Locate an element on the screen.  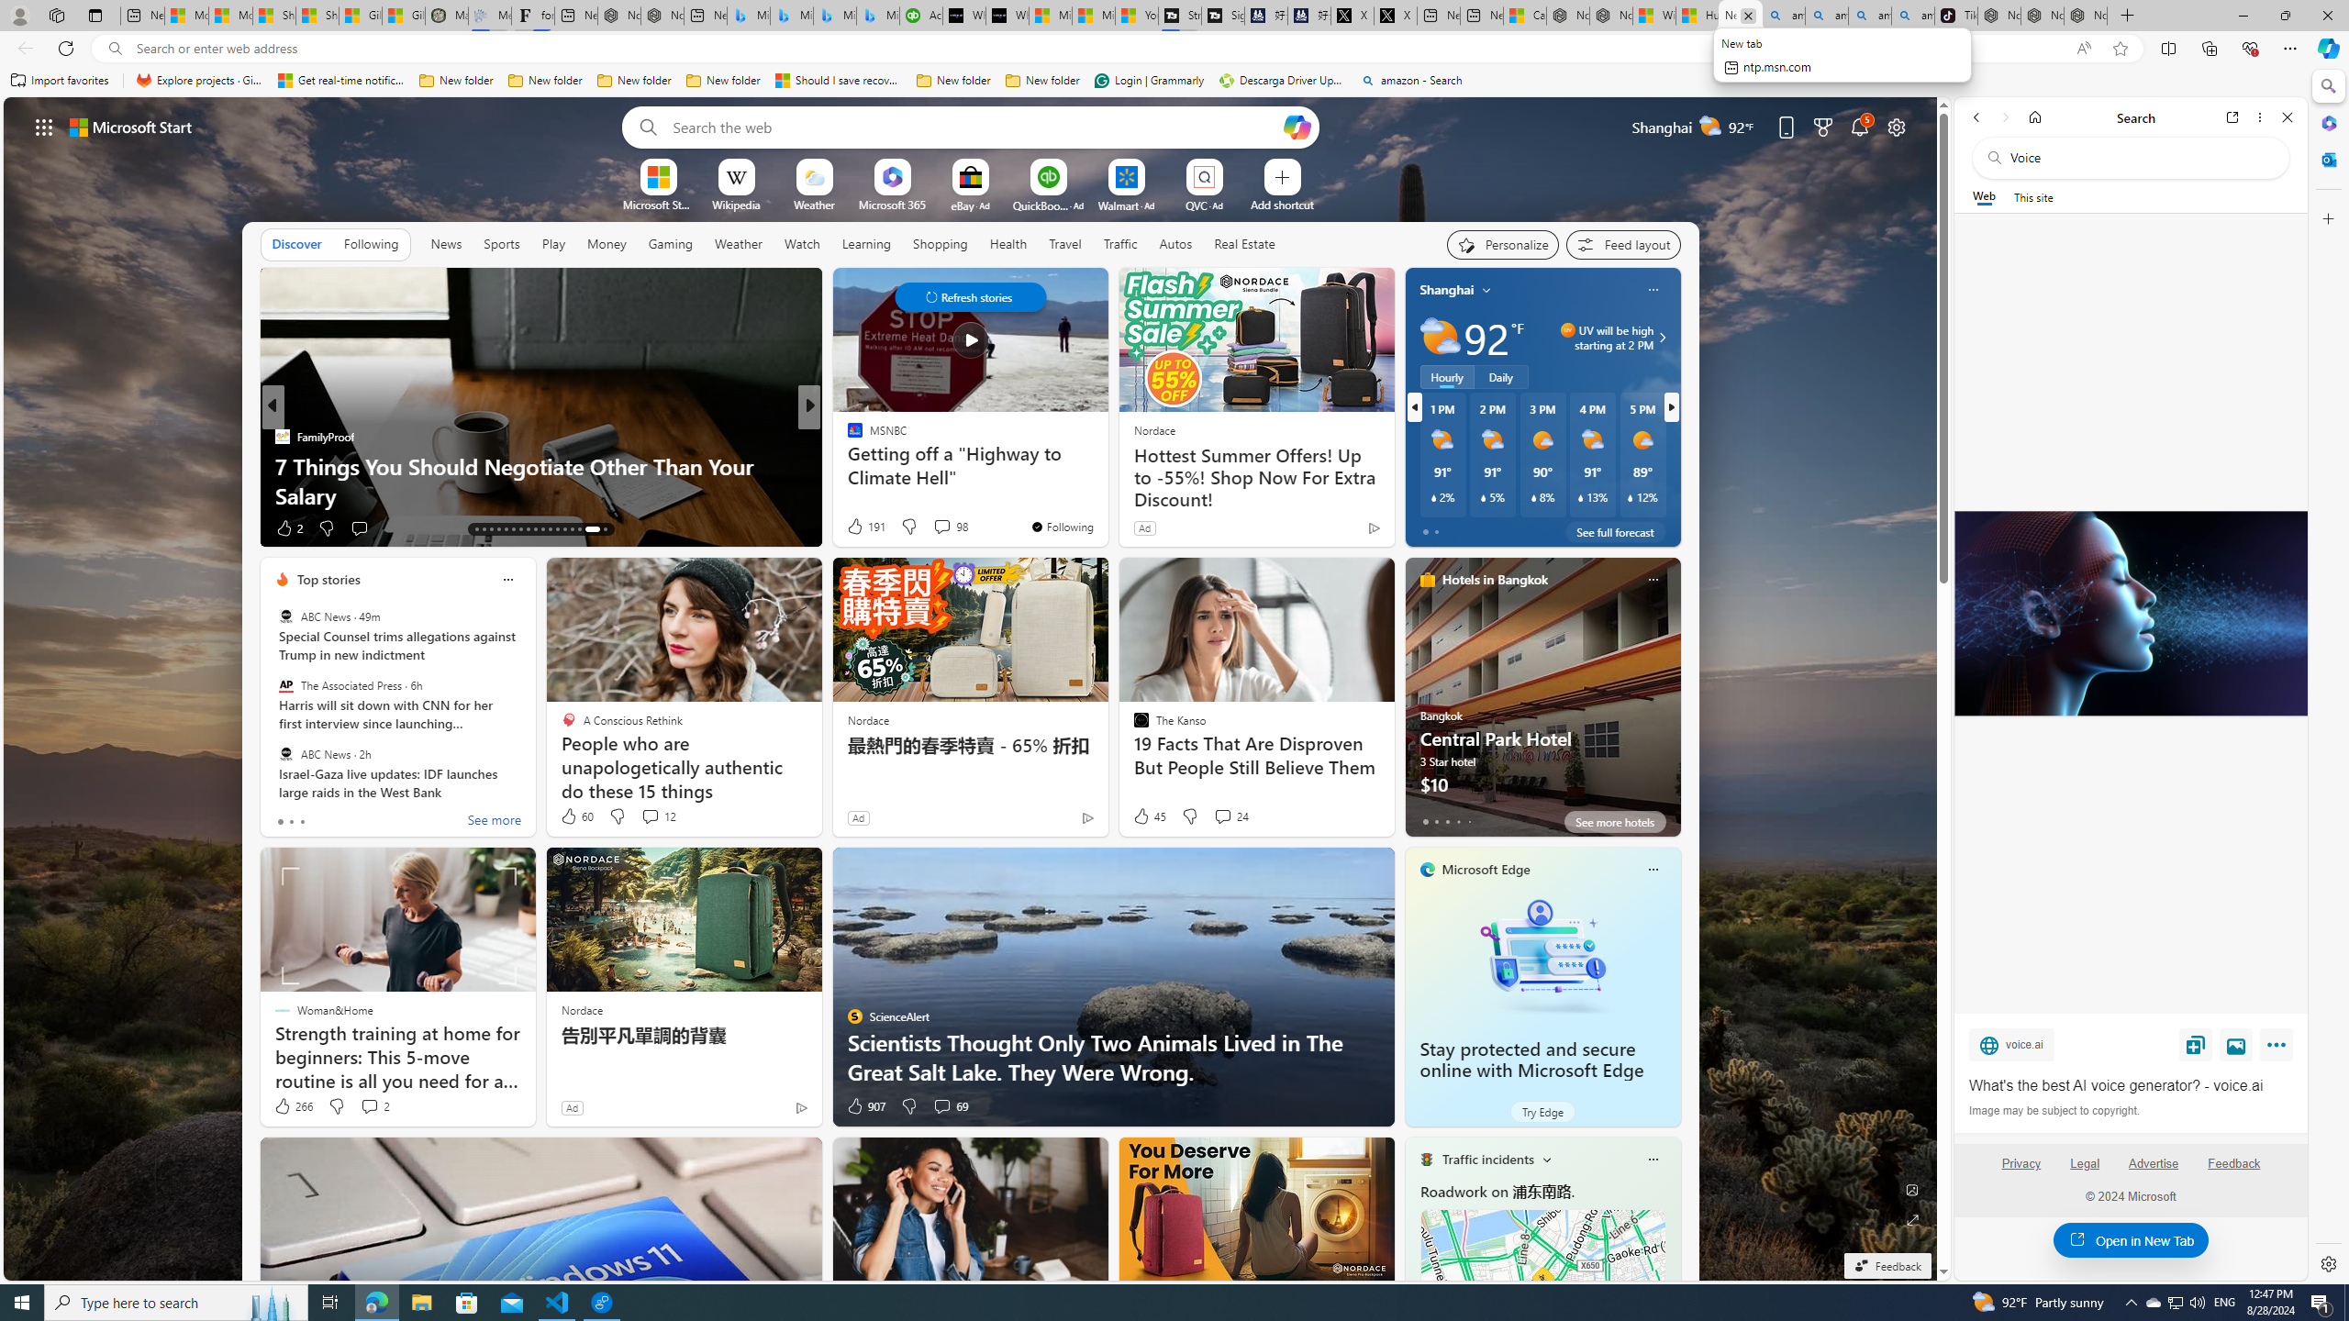
'Stay protected and secure online with Microsoft Edge' is located at coordinates (1541, 955).